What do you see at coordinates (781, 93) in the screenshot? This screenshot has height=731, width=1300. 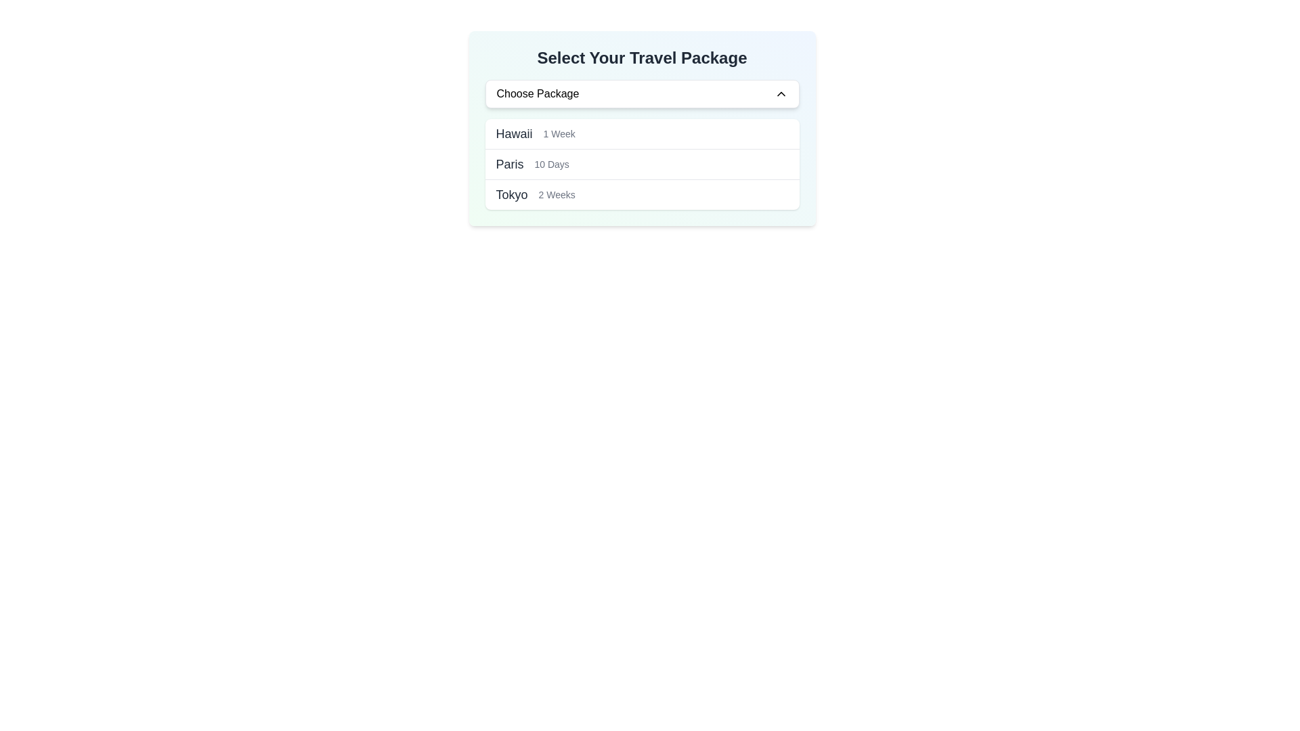 I see `the upward arrow icon used for collapsing the 'Choose Package' dropdown selector for accessibility purposes` at bounding box center [781, 93].